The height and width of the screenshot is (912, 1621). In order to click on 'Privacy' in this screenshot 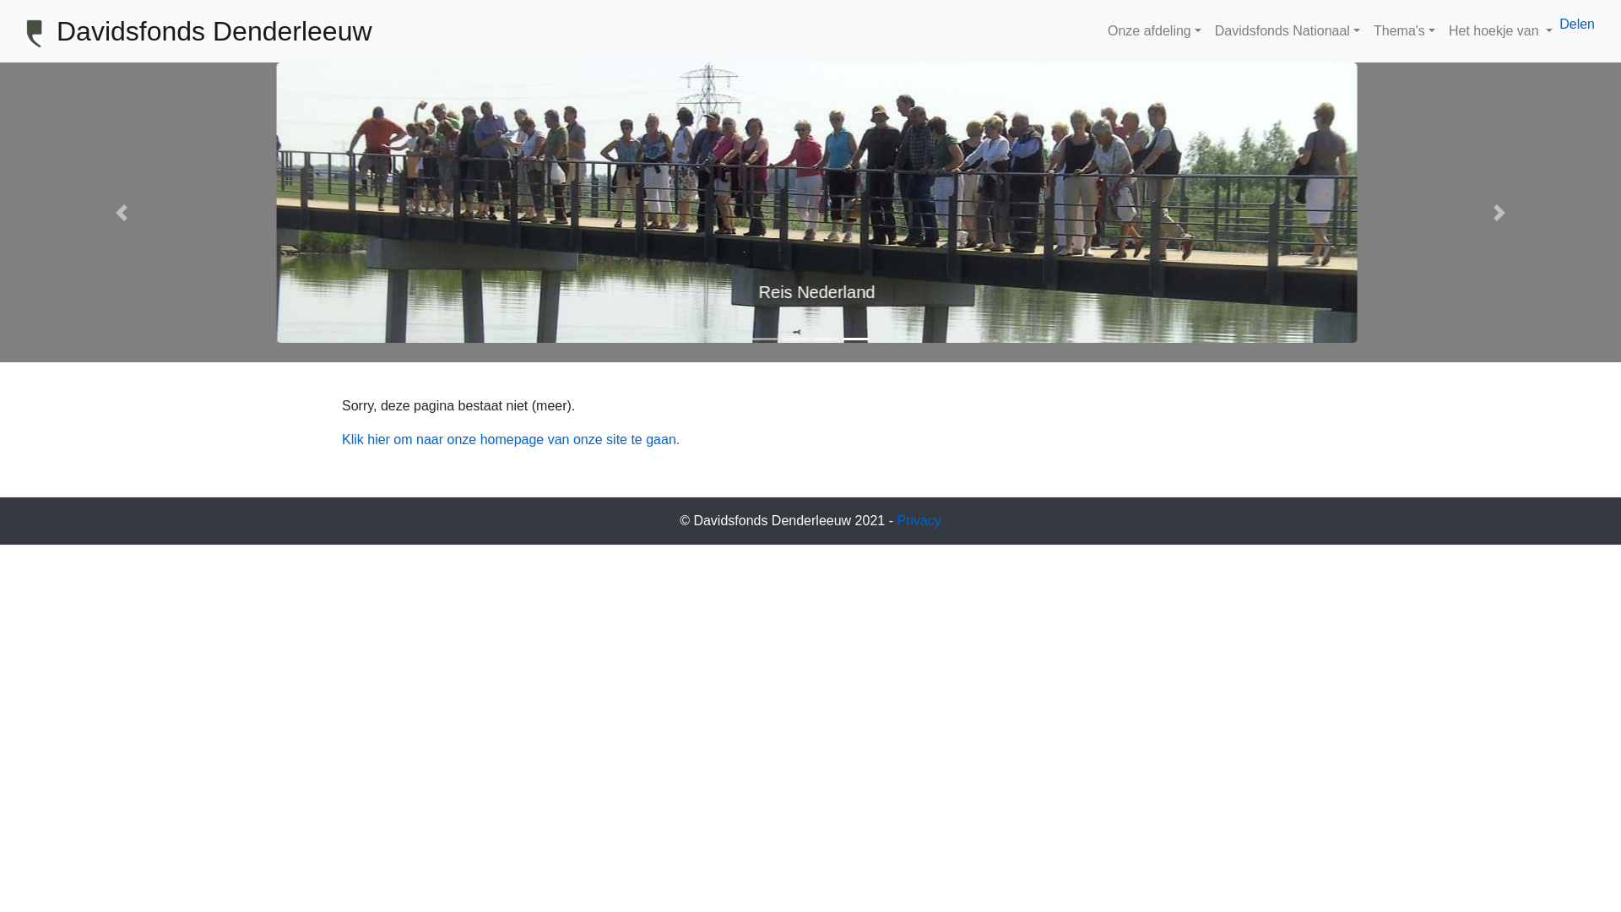, I will do `click(918, 519)`.